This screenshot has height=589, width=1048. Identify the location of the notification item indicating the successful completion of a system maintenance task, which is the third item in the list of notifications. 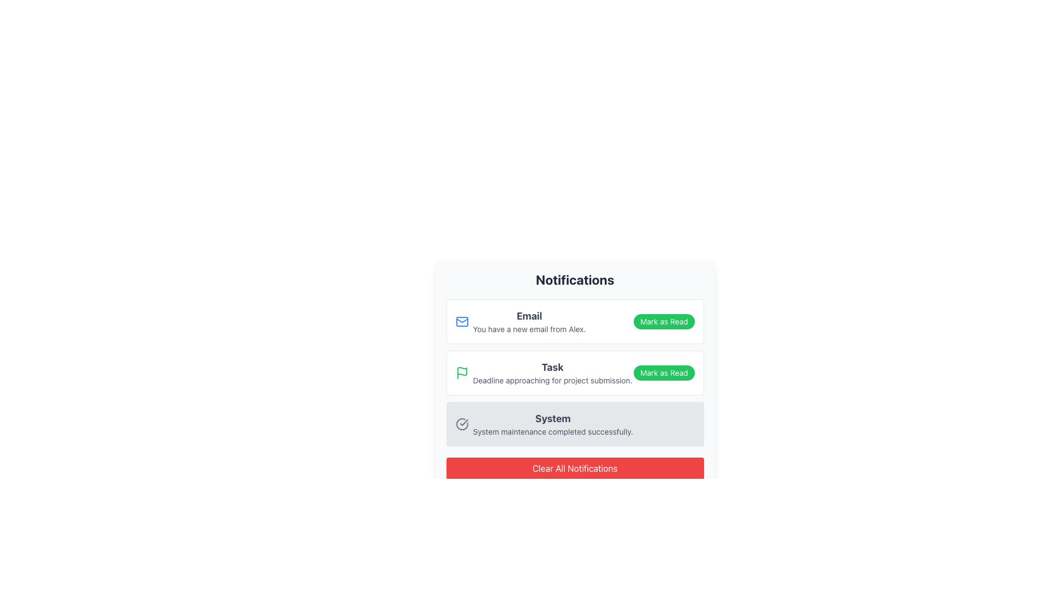
(574, 424).